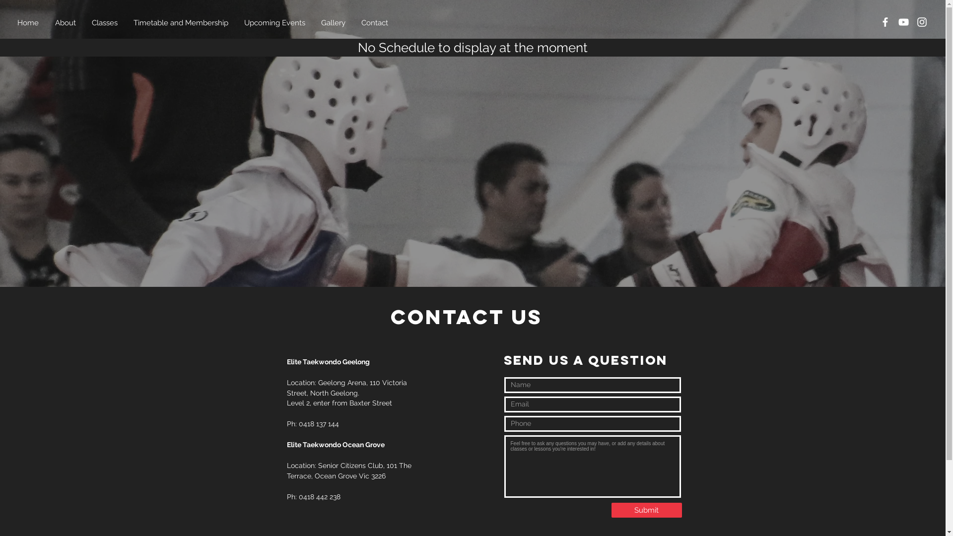 The image size is (953, 536). I want to click on 'Contact', so click(354, 22).